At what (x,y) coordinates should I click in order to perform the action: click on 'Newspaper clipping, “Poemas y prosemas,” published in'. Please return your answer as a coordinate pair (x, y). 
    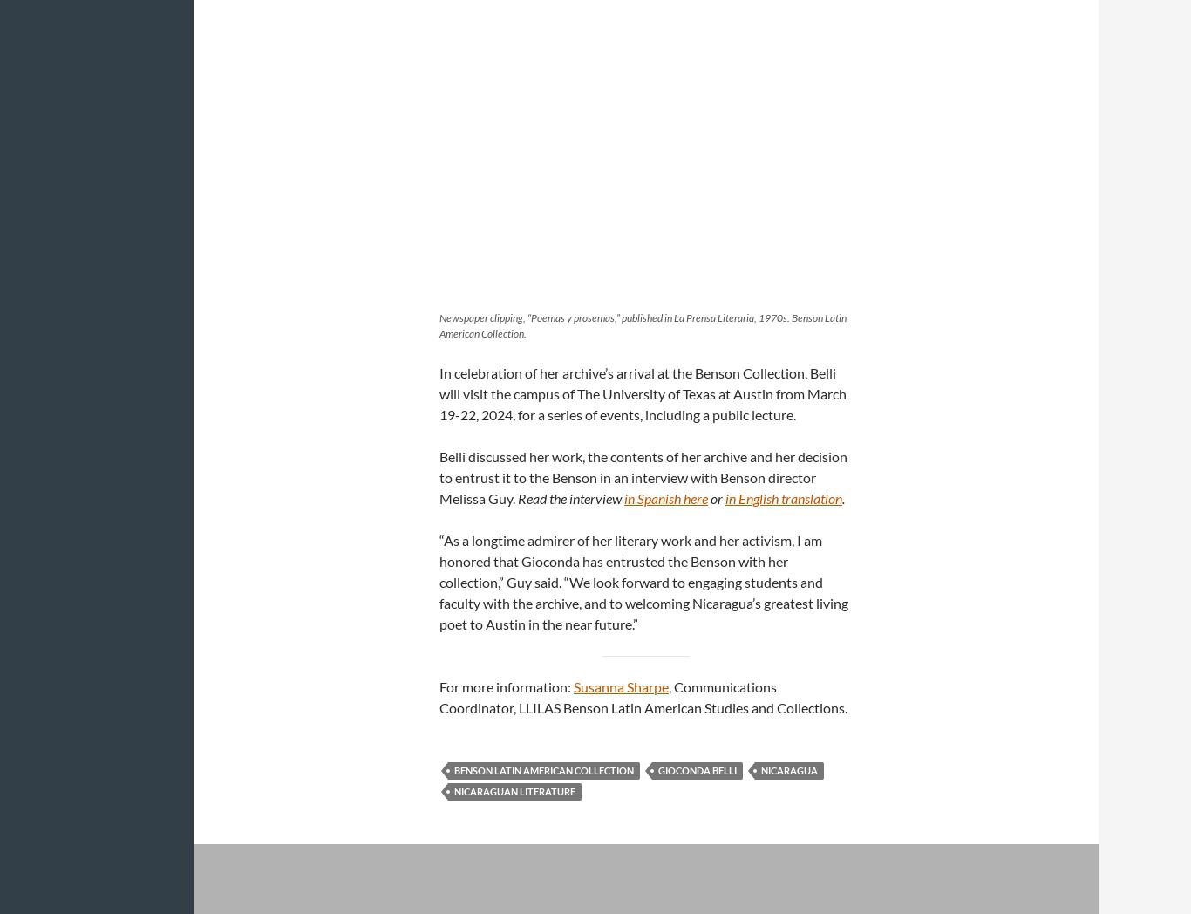
    Looking at the image, I should click on (555, 316).